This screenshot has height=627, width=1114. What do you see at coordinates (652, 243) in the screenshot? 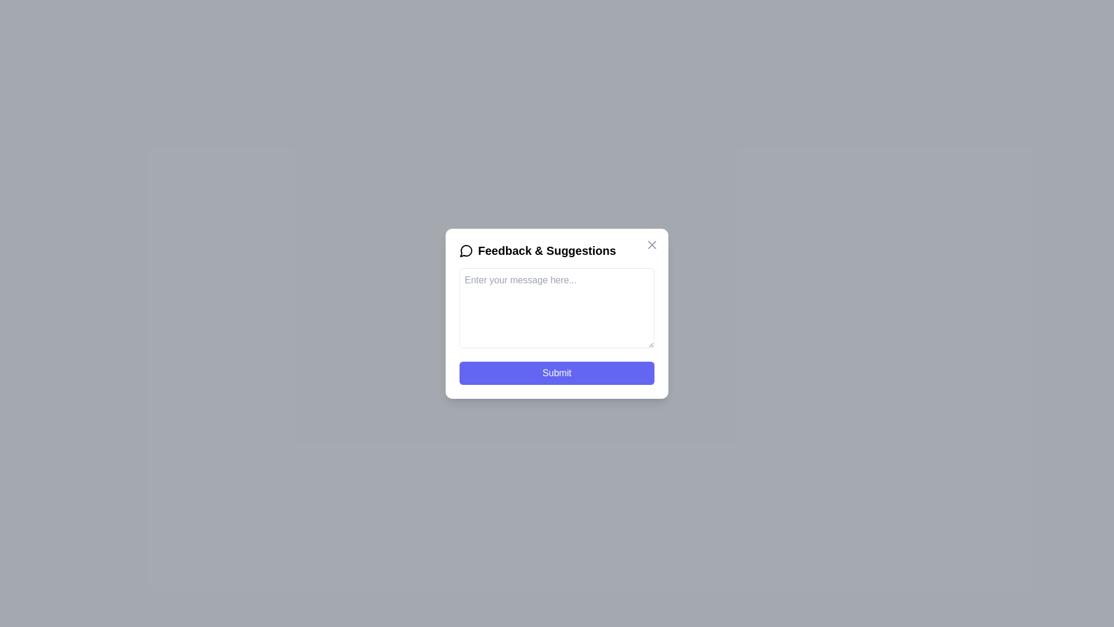
I see `the close button, which is a small interactive icon resembling a cross located in the top-right corner of the feedback dialog box` at bounding box center [652, 243].